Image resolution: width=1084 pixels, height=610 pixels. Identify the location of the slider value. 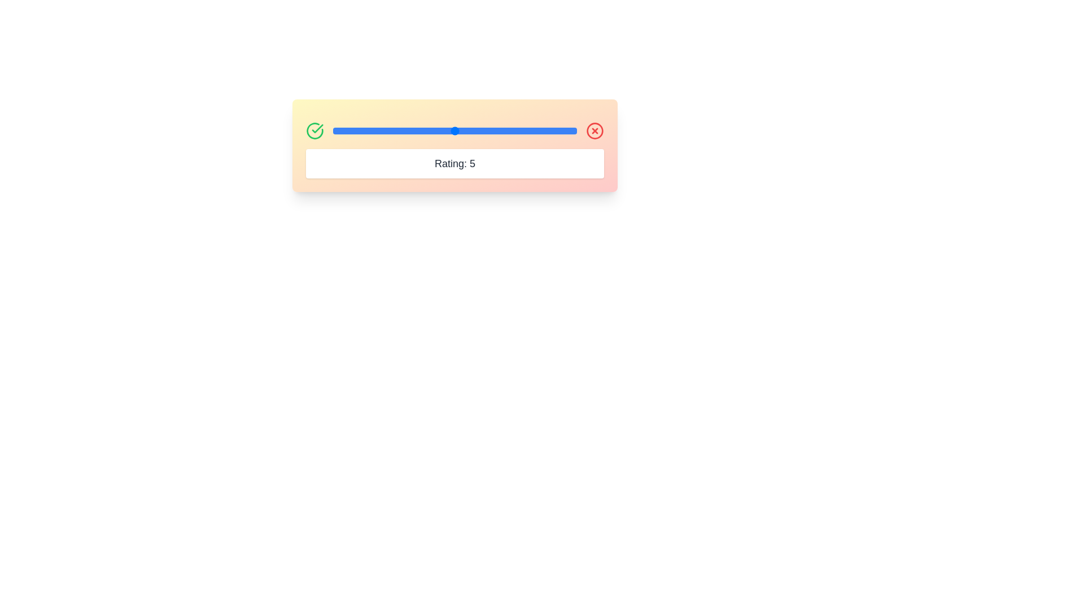
(552, 130).